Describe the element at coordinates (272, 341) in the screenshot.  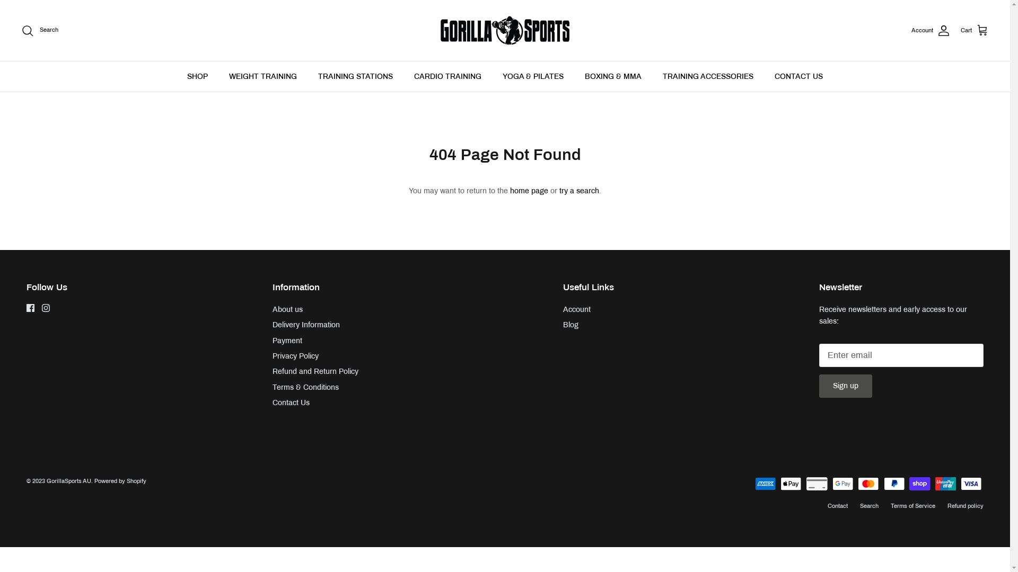
I see `'Payment'` at that location.